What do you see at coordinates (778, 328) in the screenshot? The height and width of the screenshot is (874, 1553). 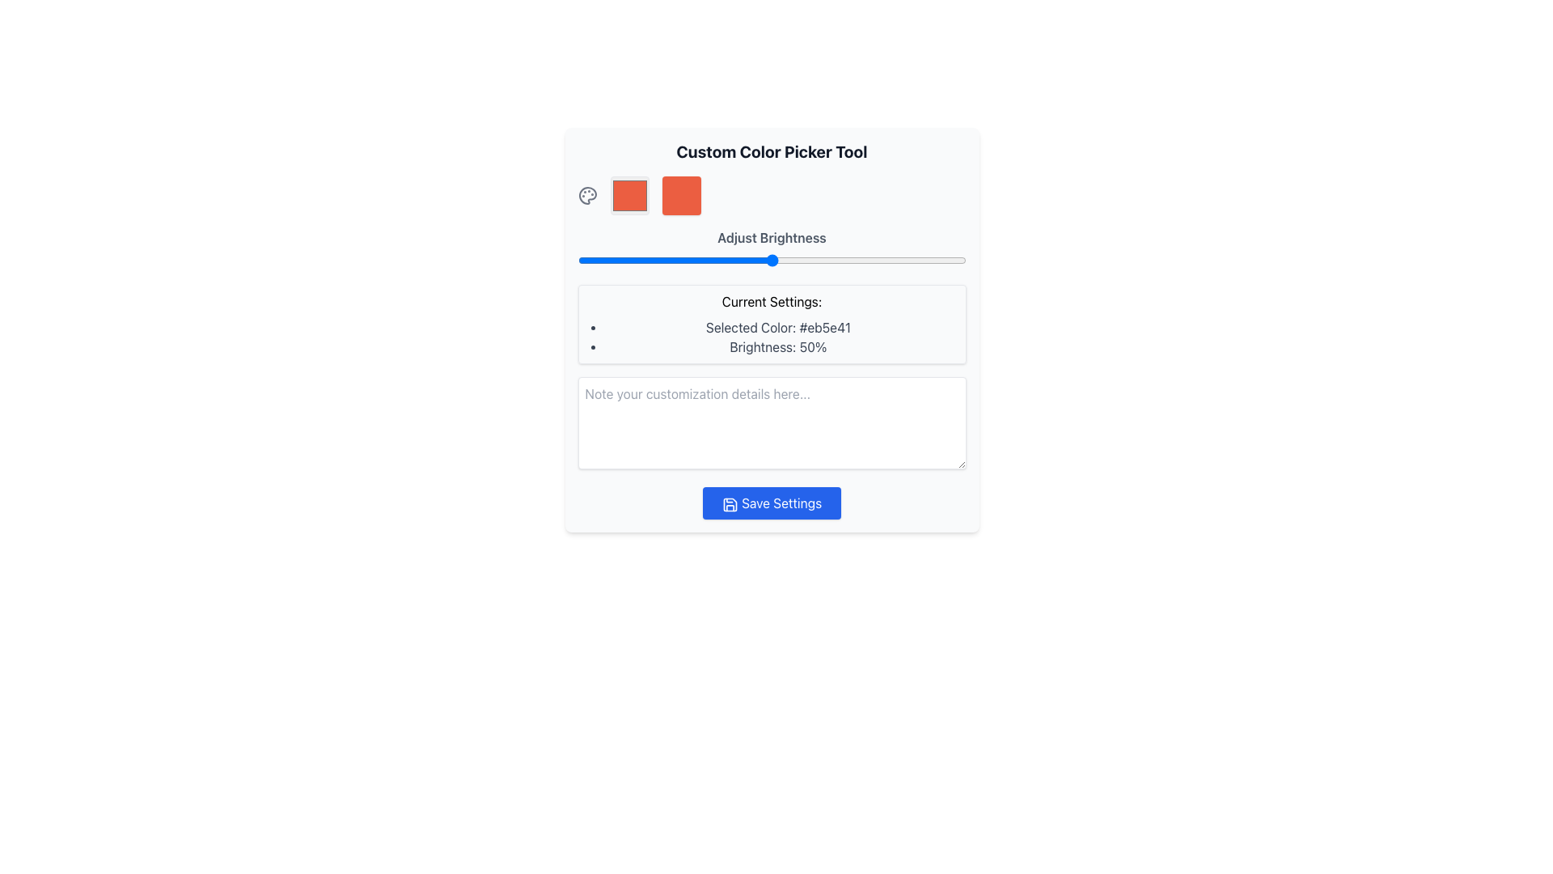 I see `the text label displaying 'Selected Color: #eb5e41' in the 'Current Settings' section` at bounding box center [778, 328].